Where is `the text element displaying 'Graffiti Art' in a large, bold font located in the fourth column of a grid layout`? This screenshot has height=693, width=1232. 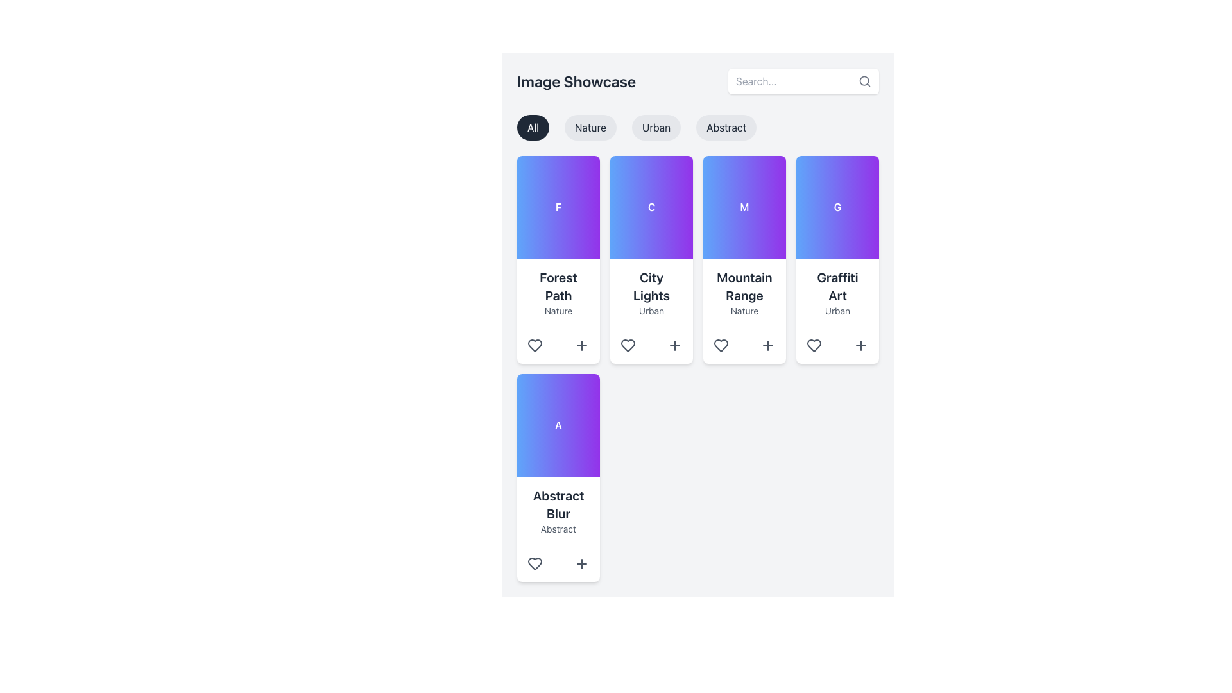
the text element displaying 'Graffiti Art' in a large, bold font located in the fourth column of a grid layout is located at coordinates (837, 286).